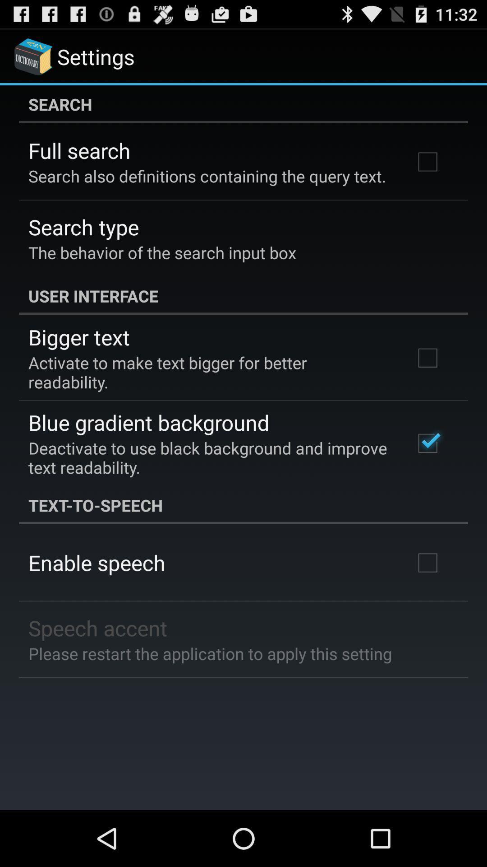 The image size is (487, 867). Describe the element at coordinates (79, 150) in the screenshot. I see `the full search item` at that location.